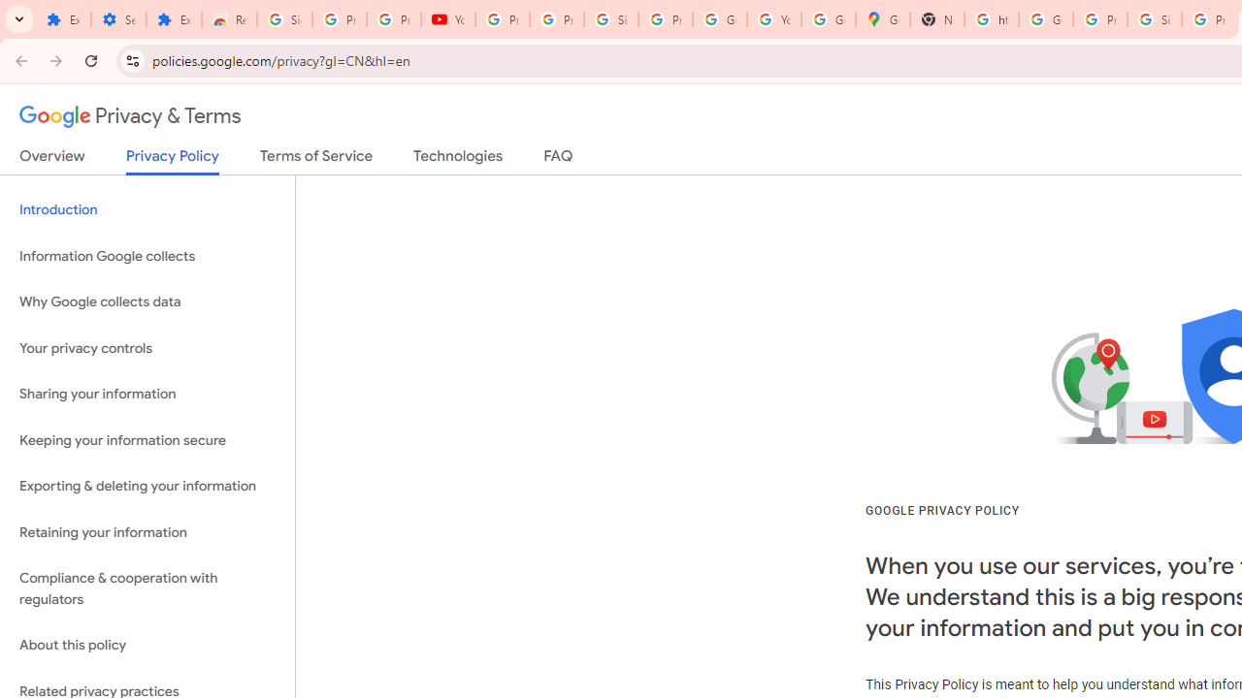 The image size is (1242, 698). Describe the element at coordinates (937, 19) in the screenshot. I see `'New Tab'` at that location.